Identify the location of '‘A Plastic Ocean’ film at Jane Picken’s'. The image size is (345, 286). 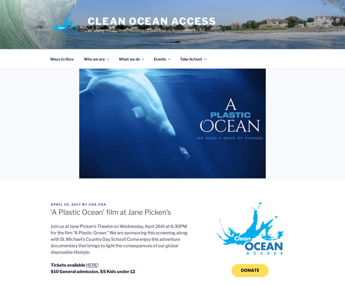
(111, 212).